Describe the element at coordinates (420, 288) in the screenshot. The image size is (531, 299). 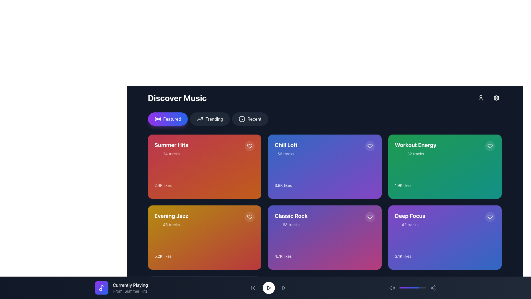
I see `volume level` at that location.